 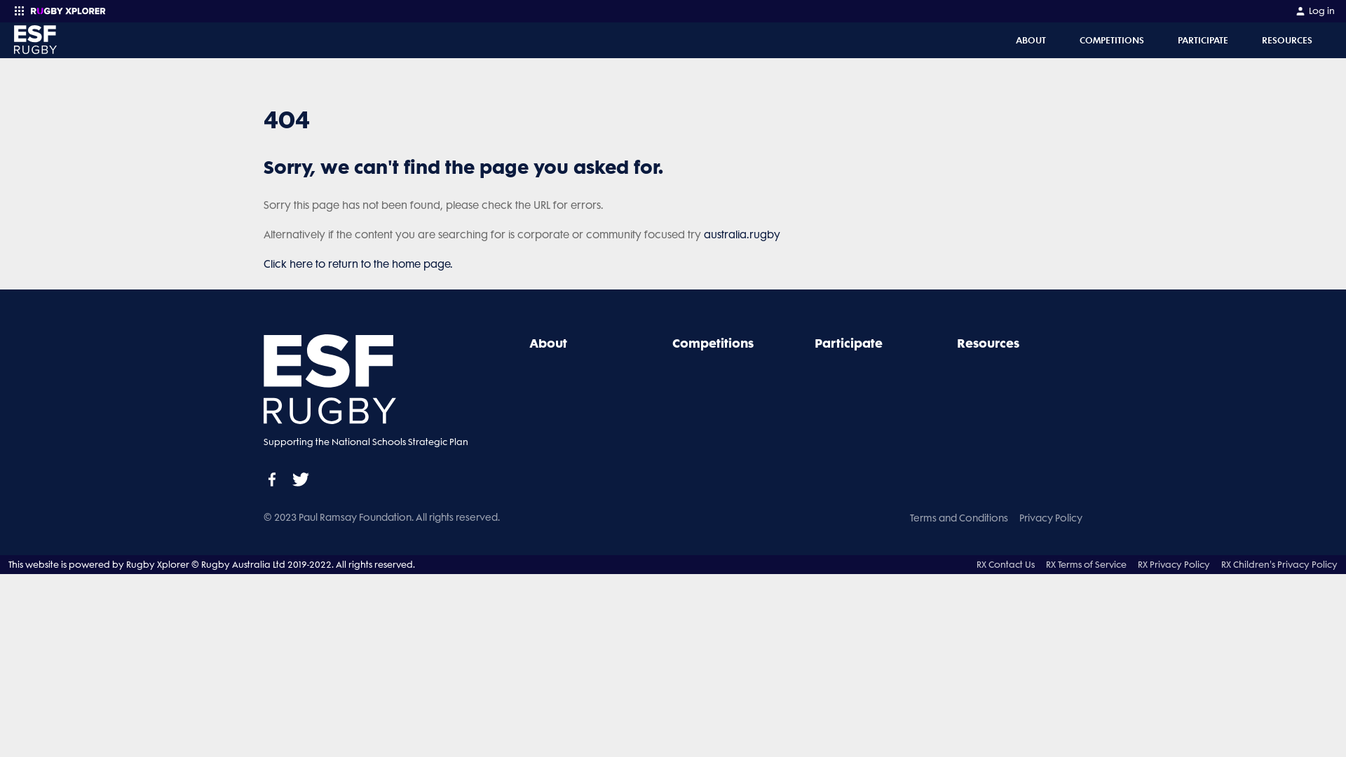 What do you see at coordinates (703, 234) in the screenshot?
I see `'australia.rugby'` at bounding box center [703, 234].